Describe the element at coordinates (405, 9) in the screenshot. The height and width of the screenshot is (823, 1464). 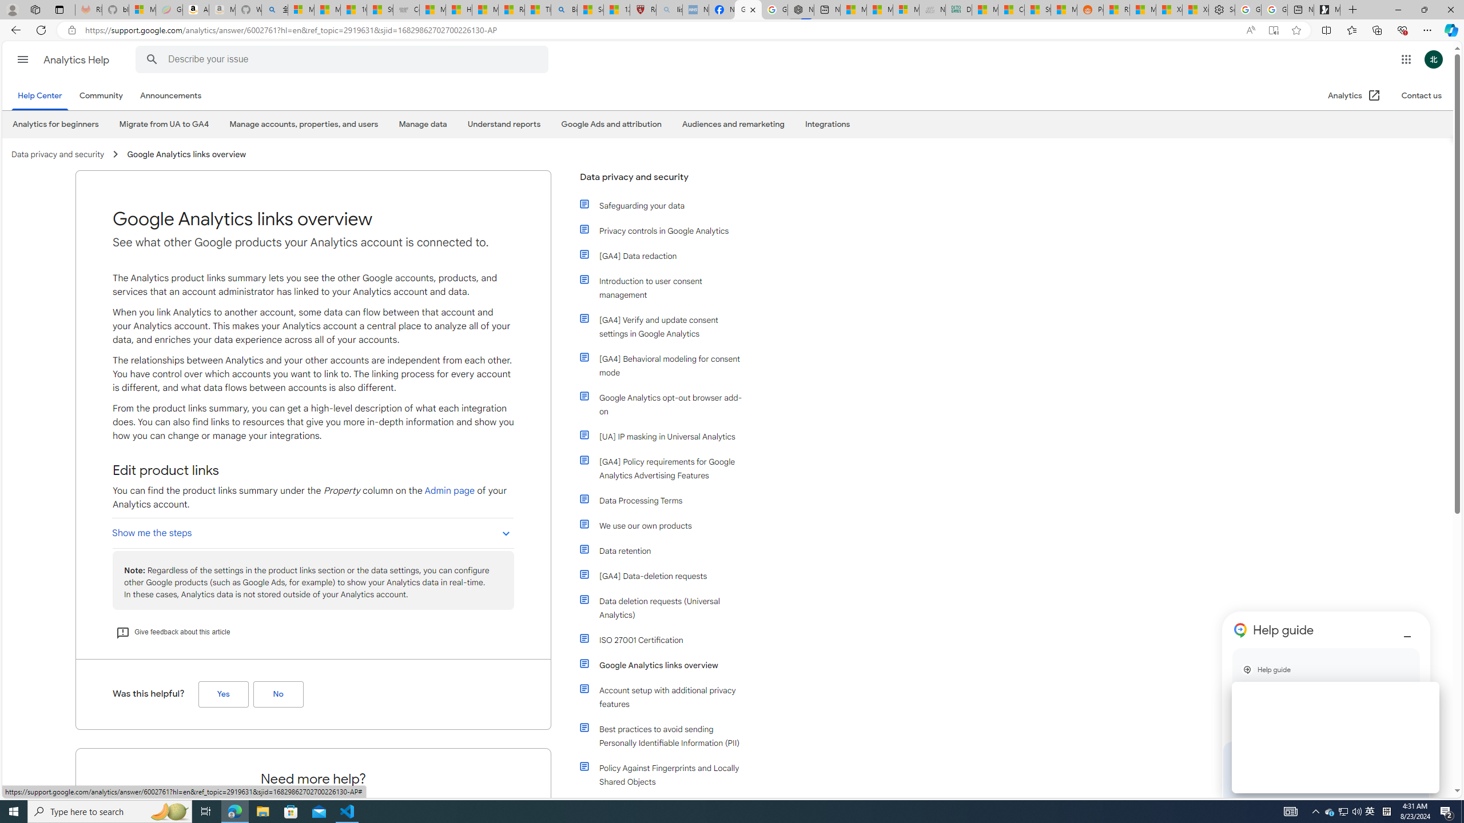
I see `'Combat Siege'` at that location.